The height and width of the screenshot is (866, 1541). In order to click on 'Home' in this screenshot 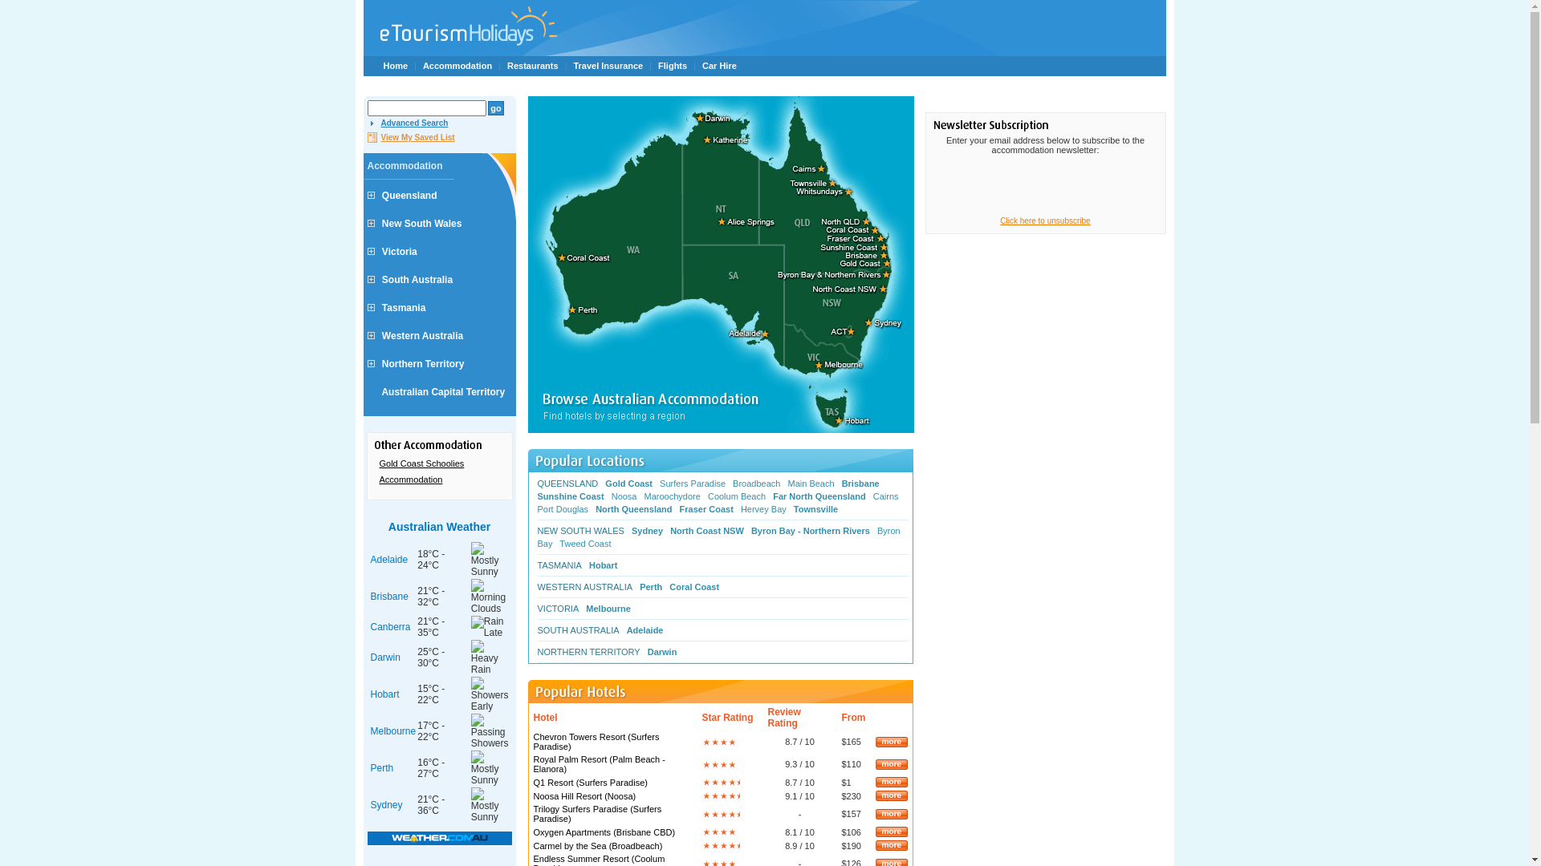, I will do `click(396, 65)`.